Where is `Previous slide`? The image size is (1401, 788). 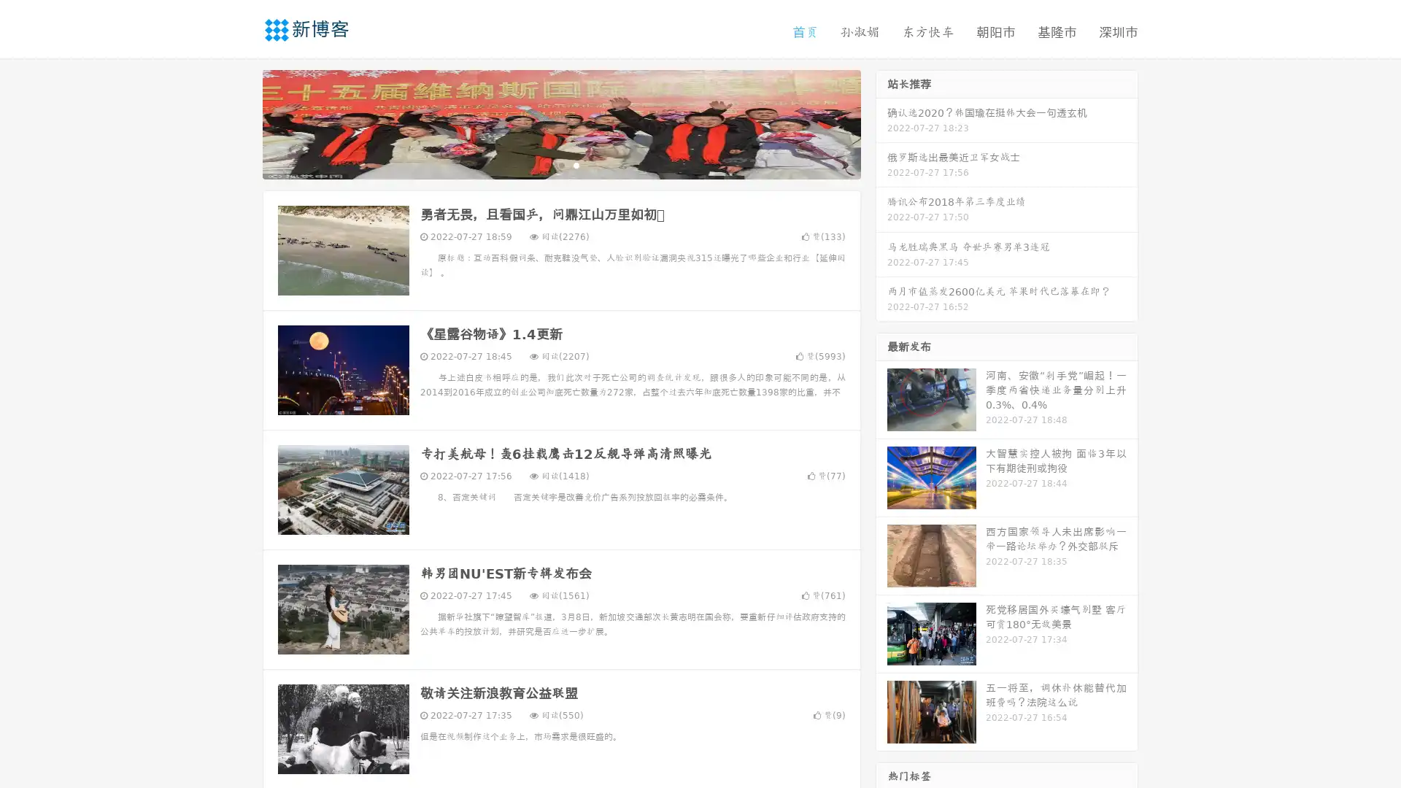 Previous slide is located at coordinates (241, 123).